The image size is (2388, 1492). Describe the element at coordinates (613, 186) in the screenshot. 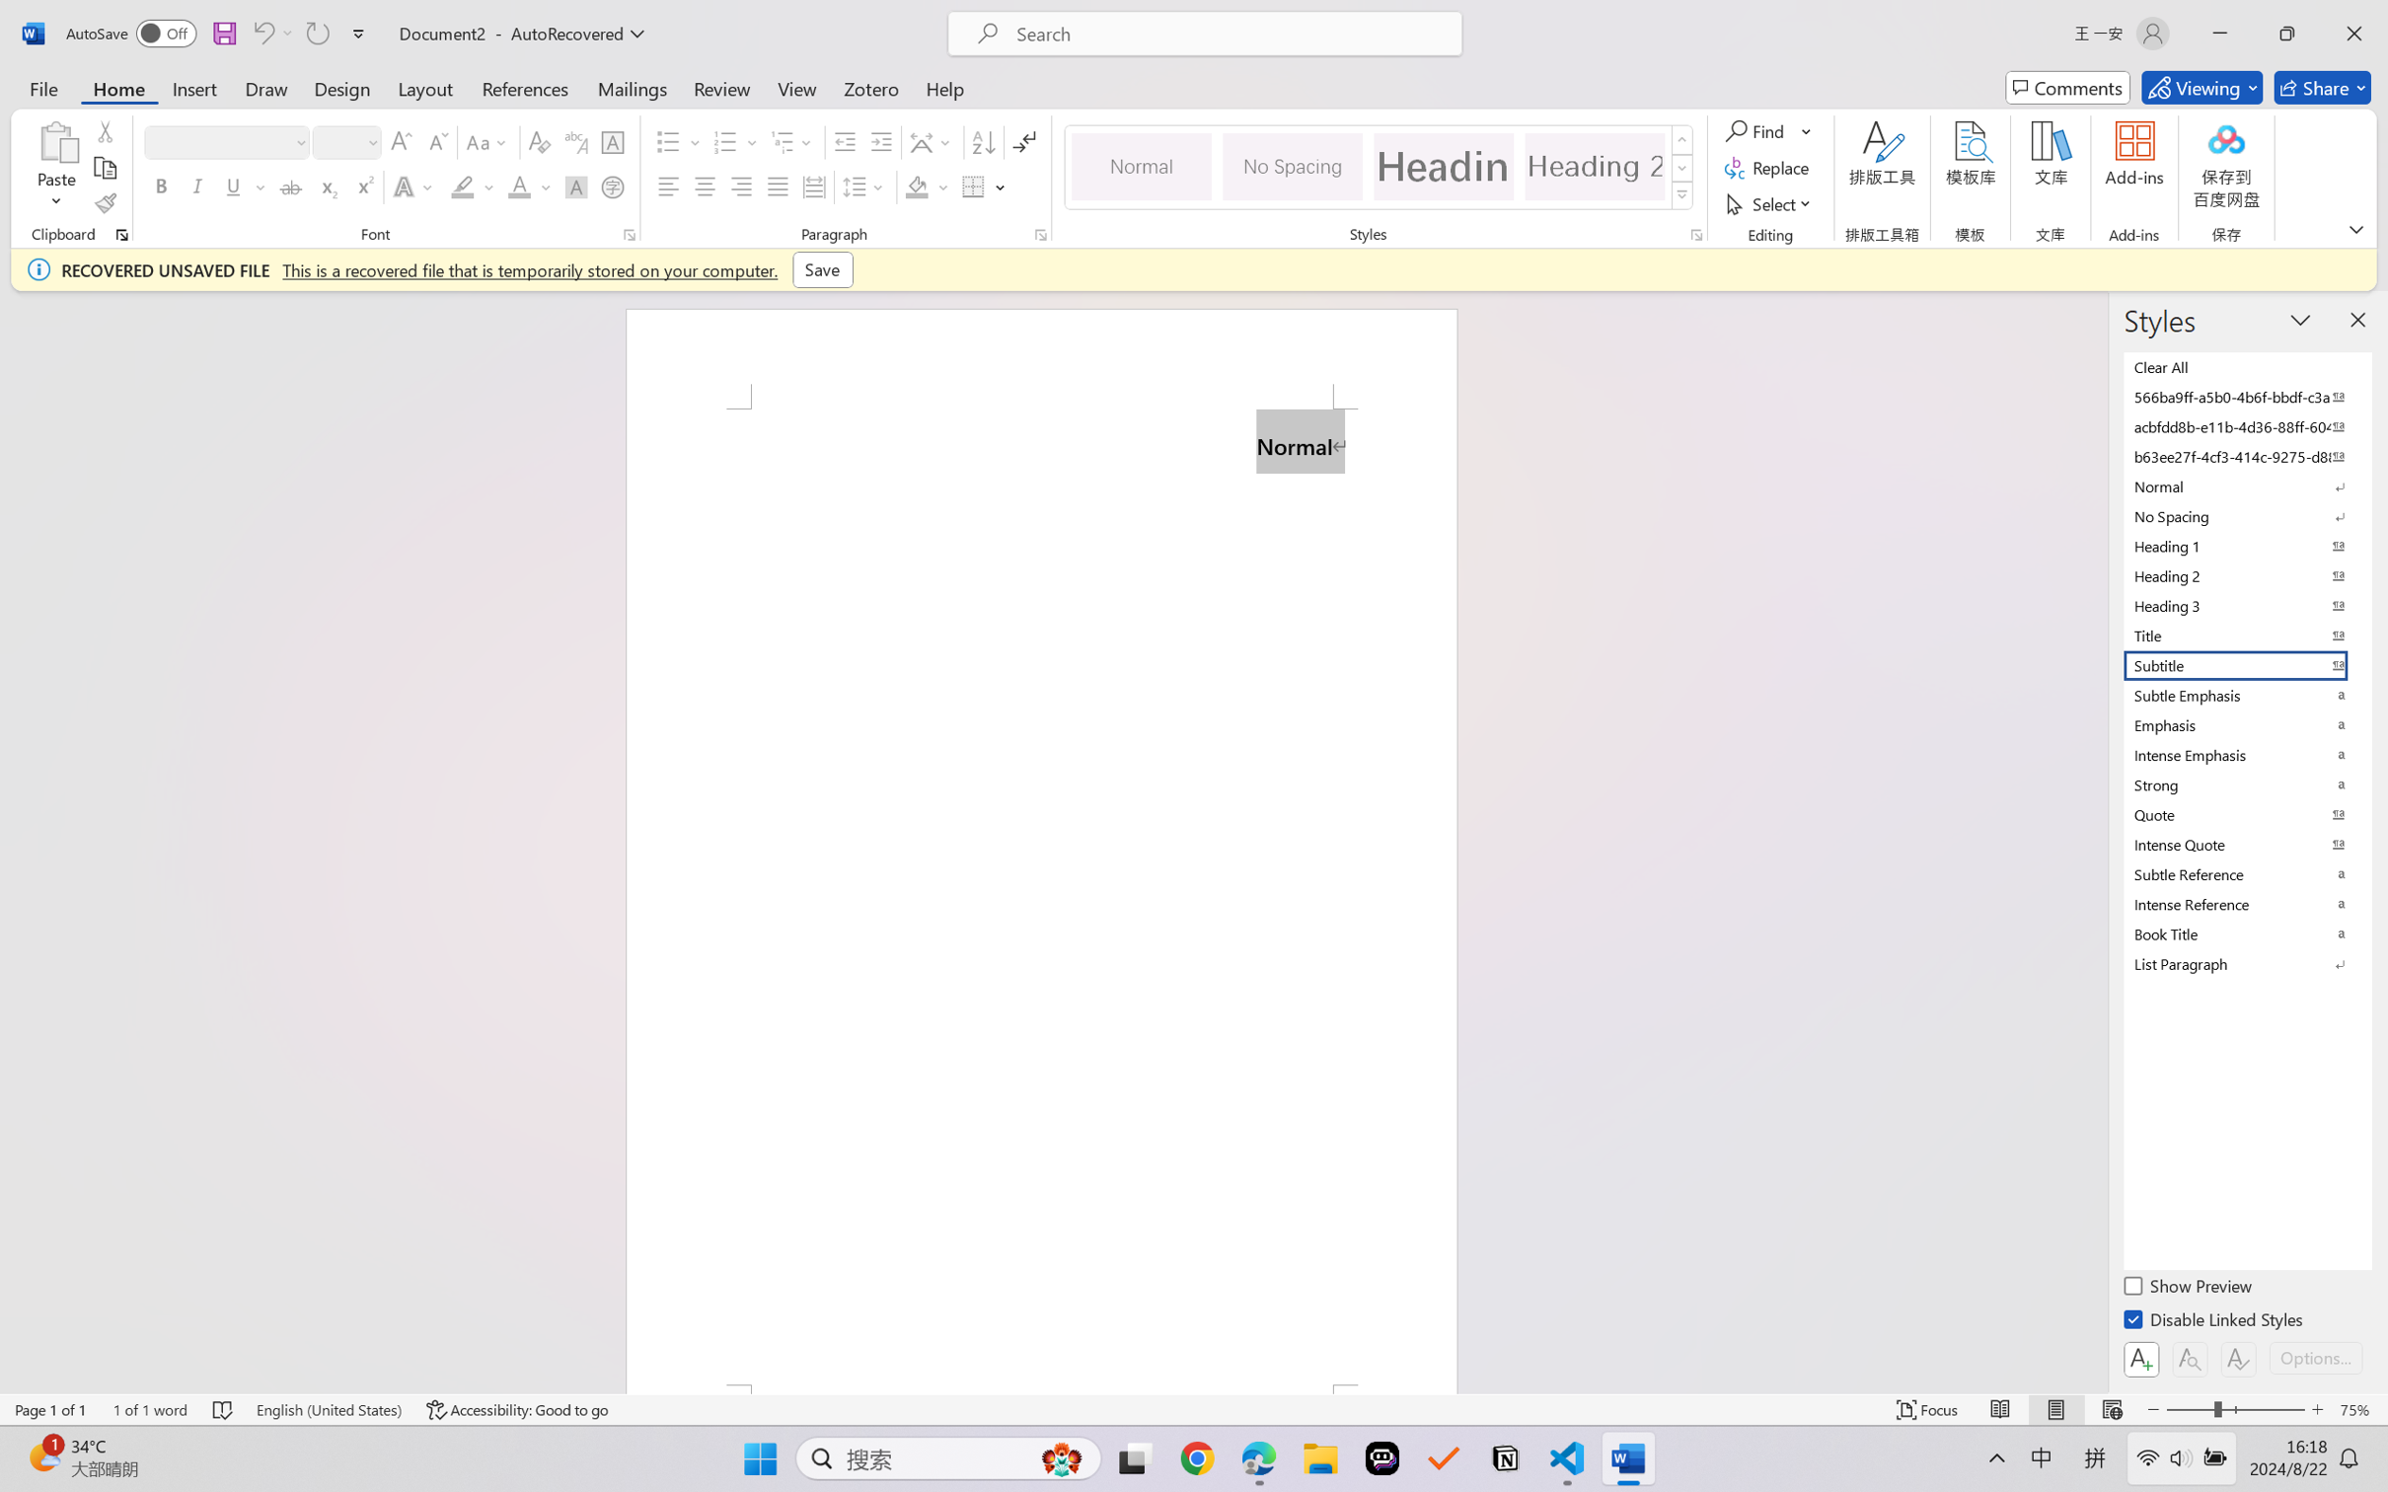

I see `'Enclose Characters...'` at that location.